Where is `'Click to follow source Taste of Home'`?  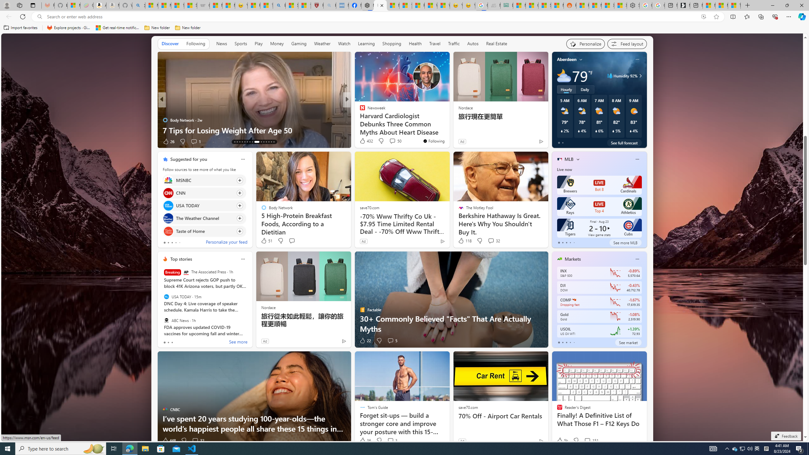 'Click to follow source Taste of Home' is located at coordinates (204, 231).